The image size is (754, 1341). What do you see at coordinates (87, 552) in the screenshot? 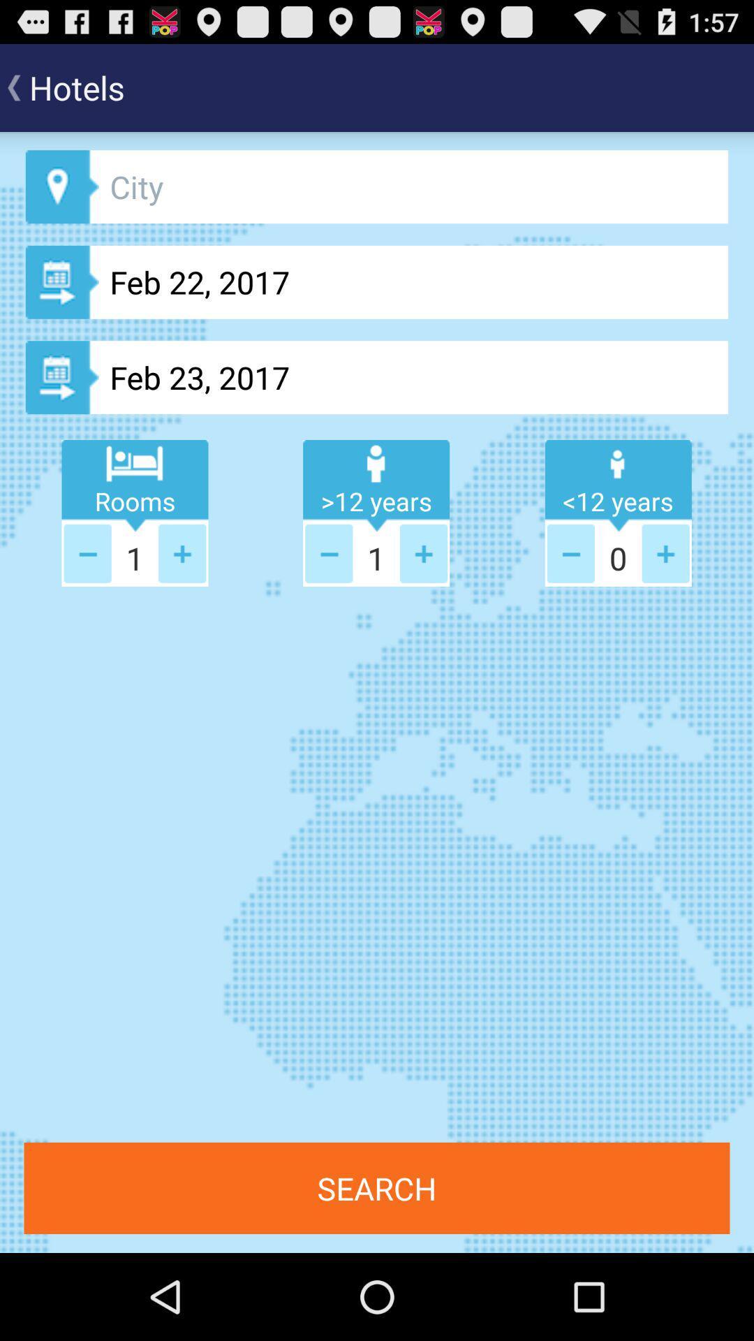
I see `derement button` at bounding box center [87, 552].